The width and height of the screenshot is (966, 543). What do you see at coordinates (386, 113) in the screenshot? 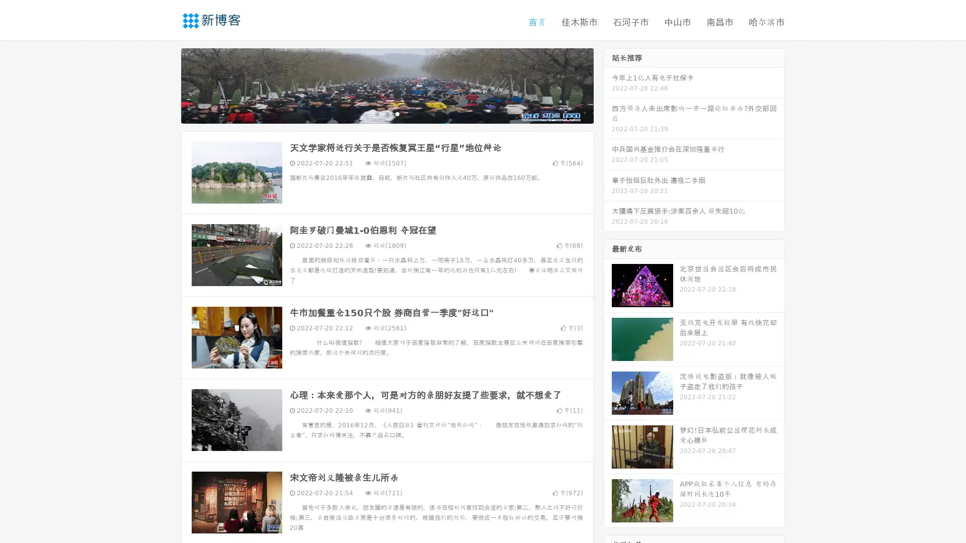
I see `Go to slide 2` at bounding box center [386, 113].